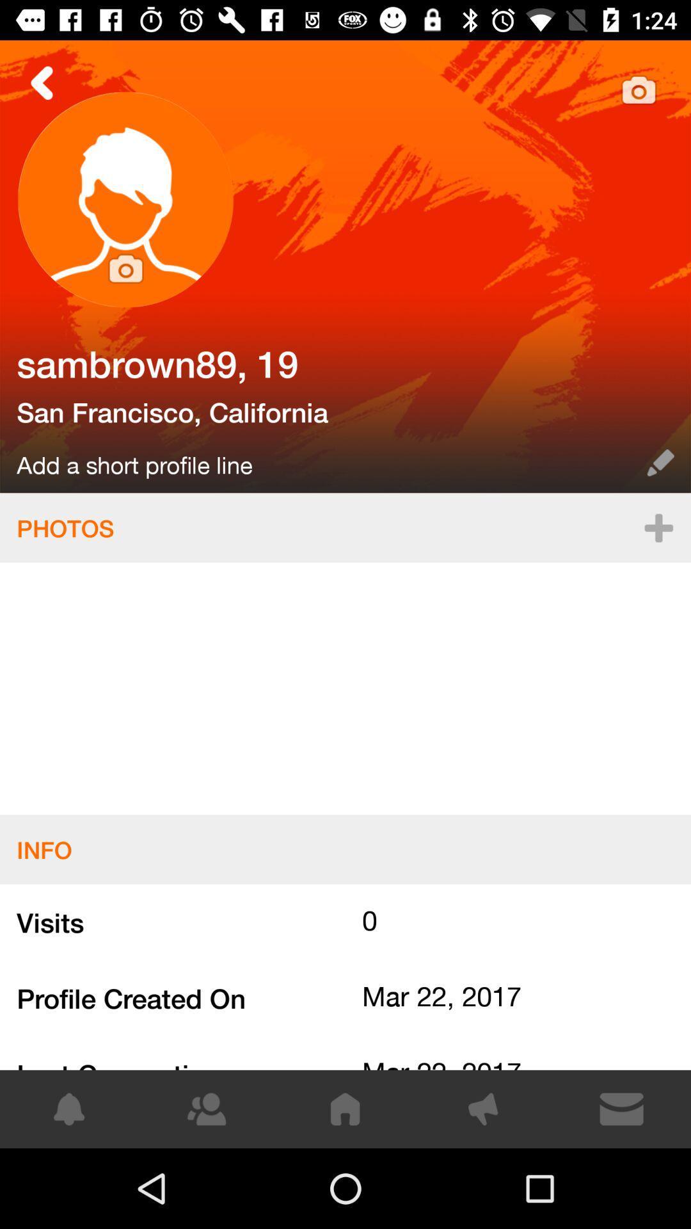 The width and height of the screenshot is (691, 1229). What do you see at coordinates (660, 462) in the screenshot?
I see `edit button` at bounding box center [660, 462].